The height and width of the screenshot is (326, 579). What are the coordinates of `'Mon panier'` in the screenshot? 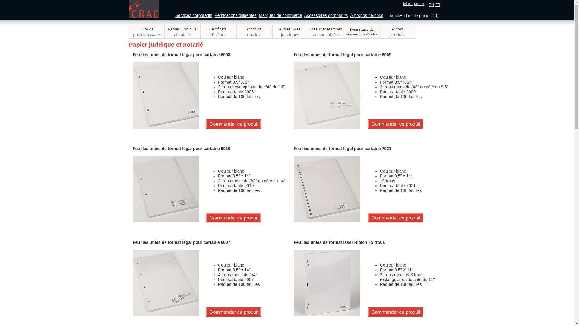 It's located at (413, 3).